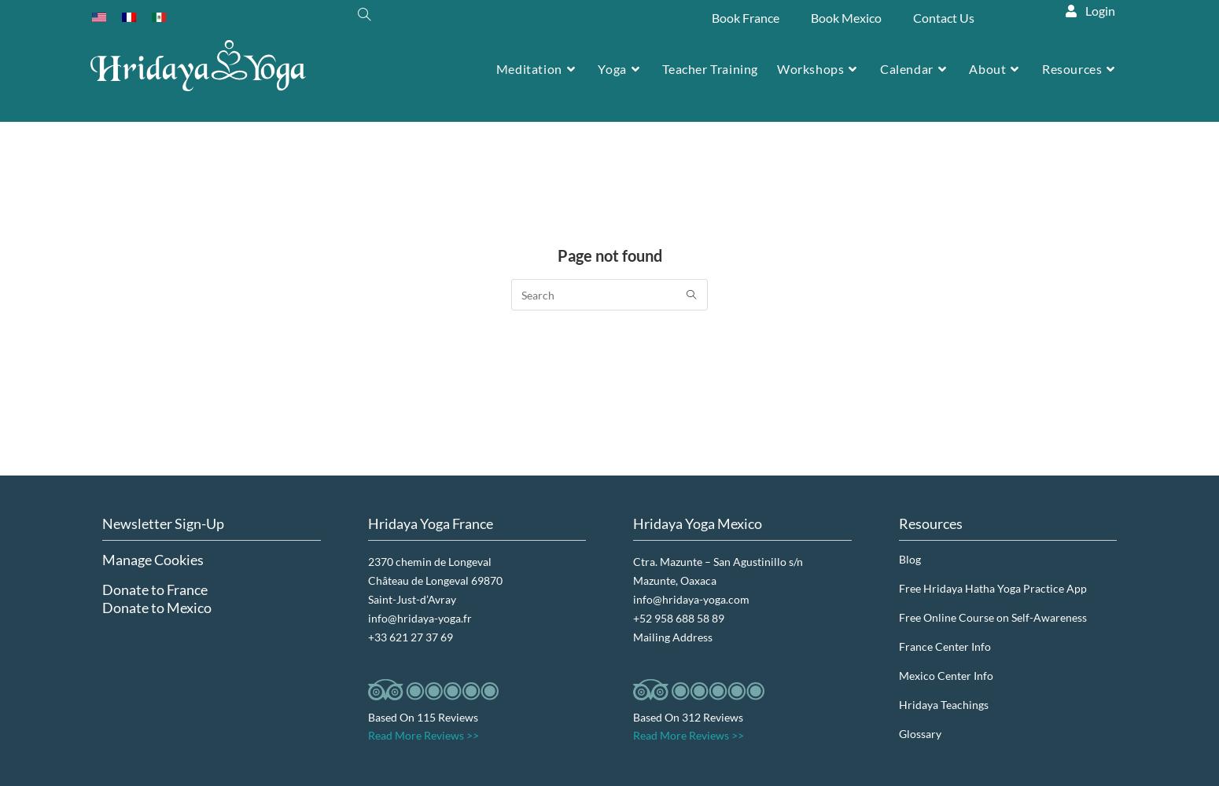  Describe the element at coordinates (609, 255) in the screenshot. I see `'Page not found'` at that location.